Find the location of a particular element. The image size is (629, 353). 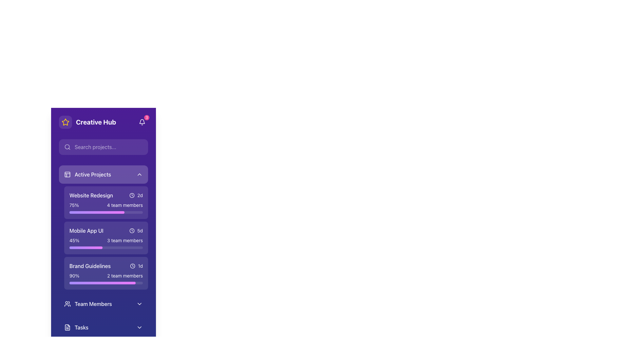

the informational label displaying the number of team members for the 'Website Redesign' project in the 'Active Projects' list, located to the right of the '75%' label is located at coordinates (125, 205).